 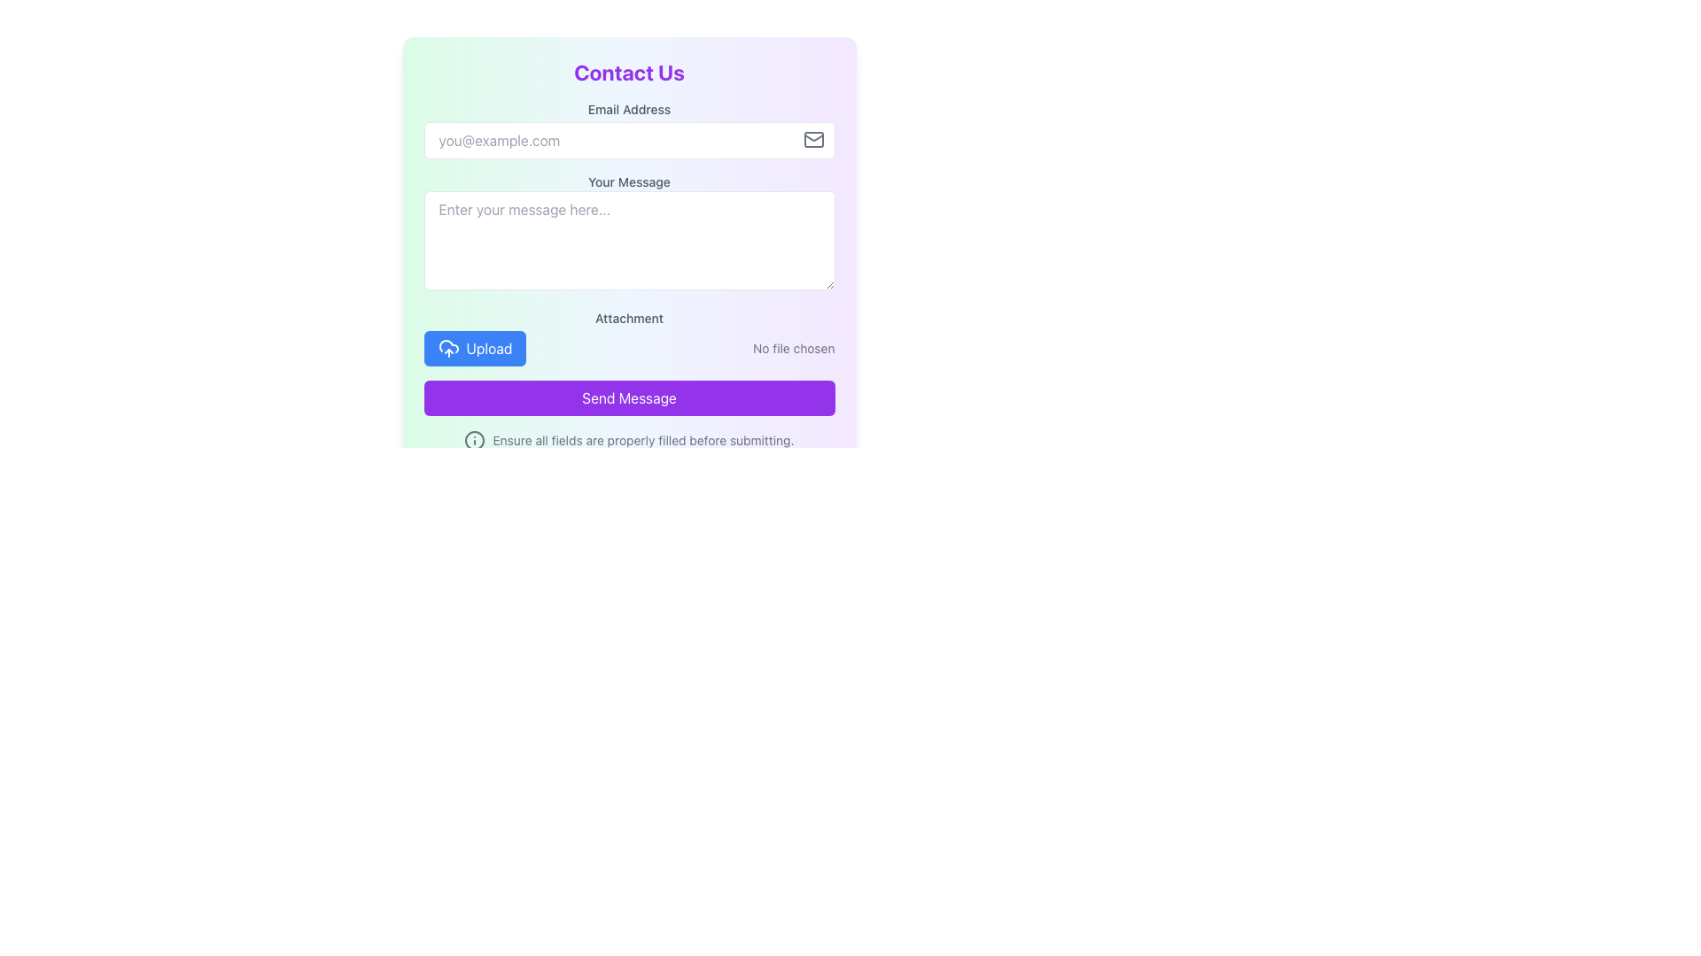 What do you see at coordinates (475, 348) in the screenshot?
I see `the upload button located in the 'Attachment' section below the 'Your Message' text area` at bounding box center [475, 348].